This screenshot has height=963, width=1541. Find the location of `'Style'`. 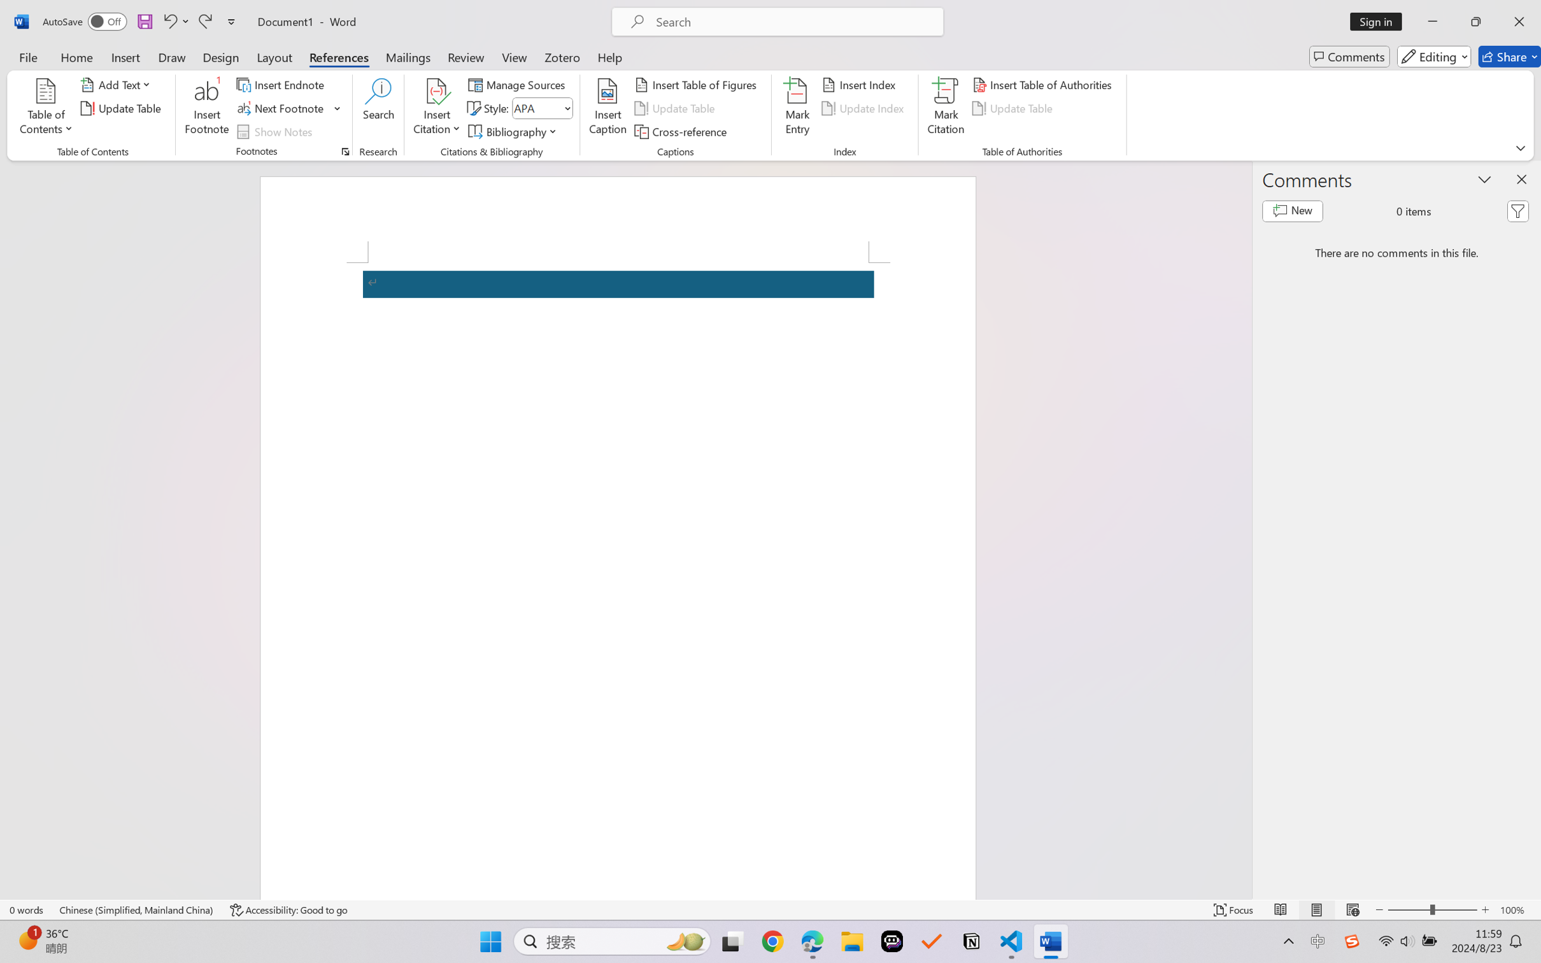

'Style' is located at coordinates (537, 107).